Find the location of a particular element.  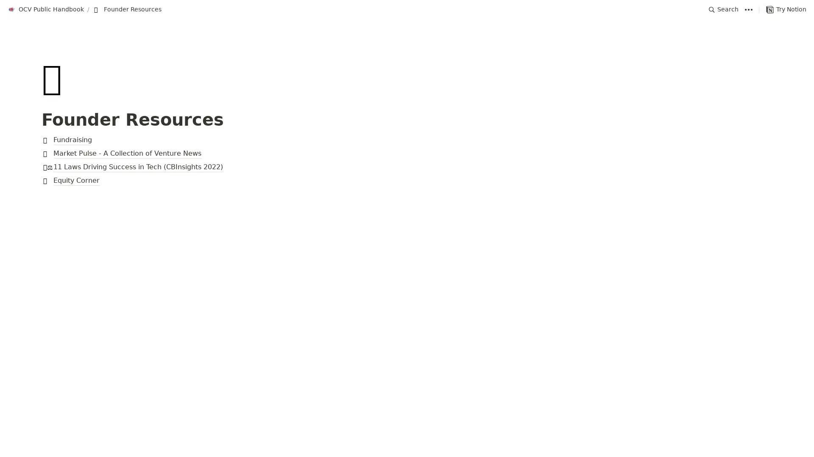

Founder Resources is located at coordinates (126, 9).